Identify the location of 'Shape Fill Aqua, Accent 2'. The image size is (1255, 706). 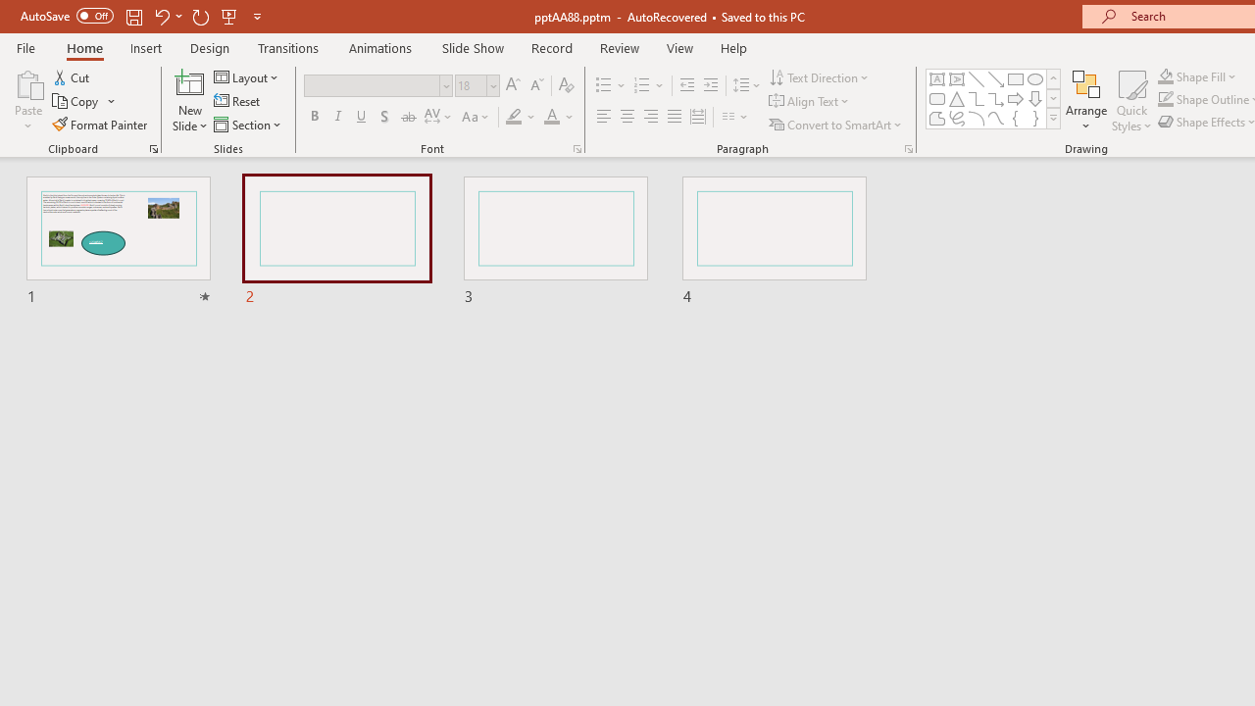
(1166, 76).